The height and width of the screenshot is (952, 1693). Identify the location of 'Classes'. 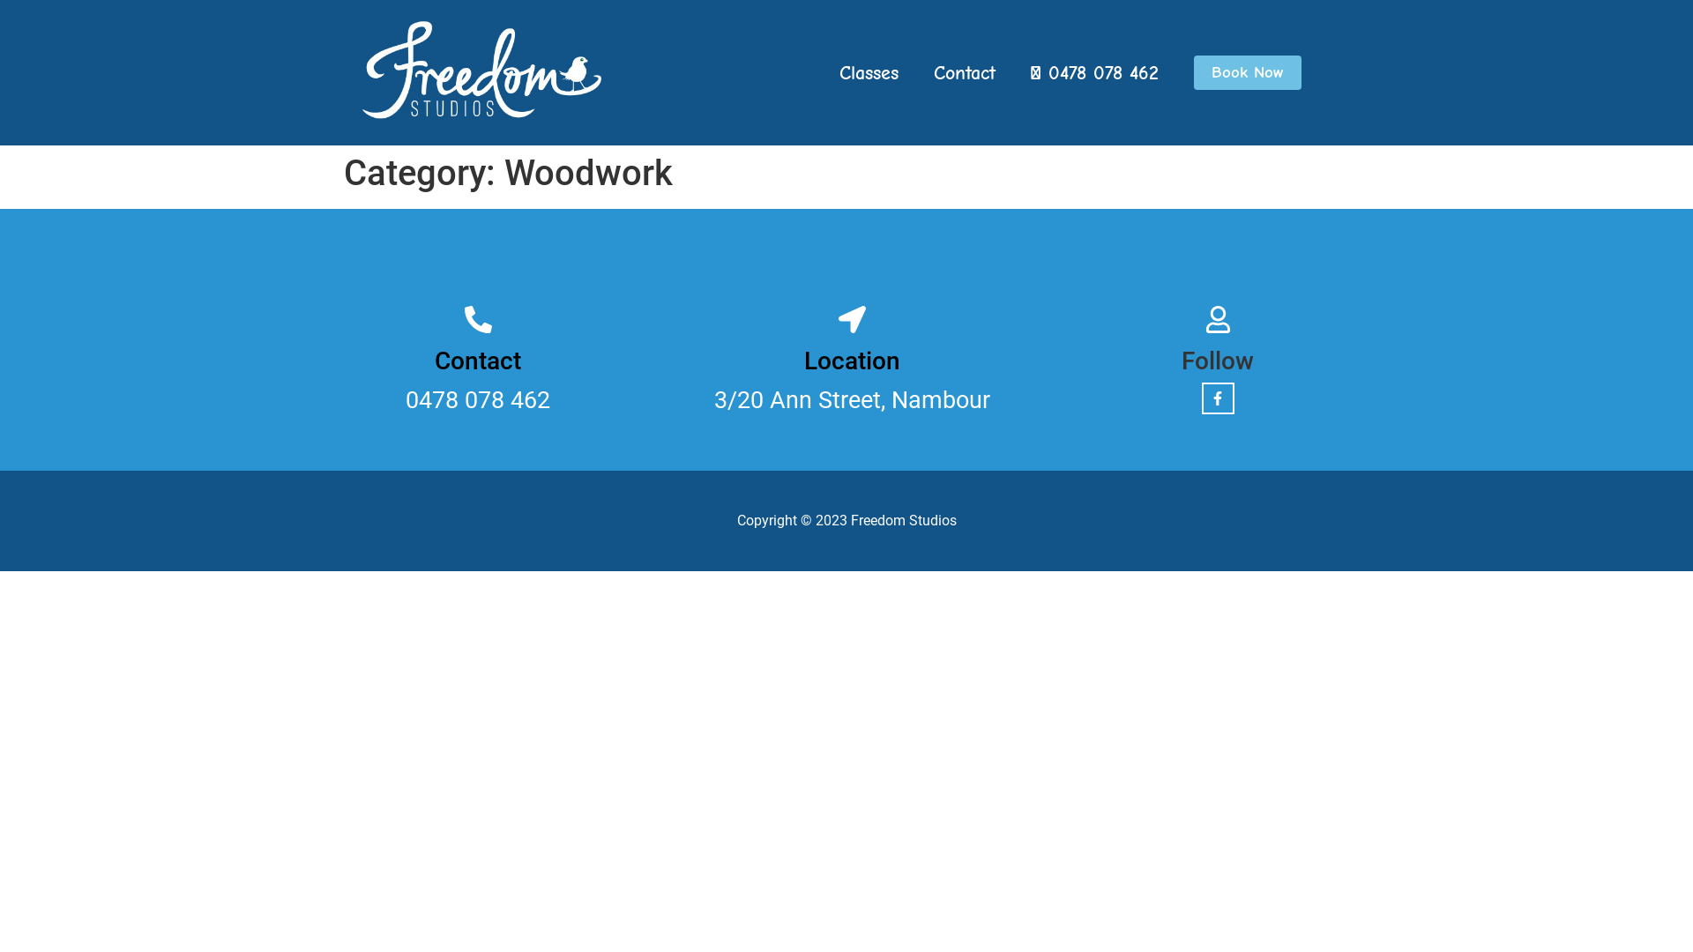
(869, 72).